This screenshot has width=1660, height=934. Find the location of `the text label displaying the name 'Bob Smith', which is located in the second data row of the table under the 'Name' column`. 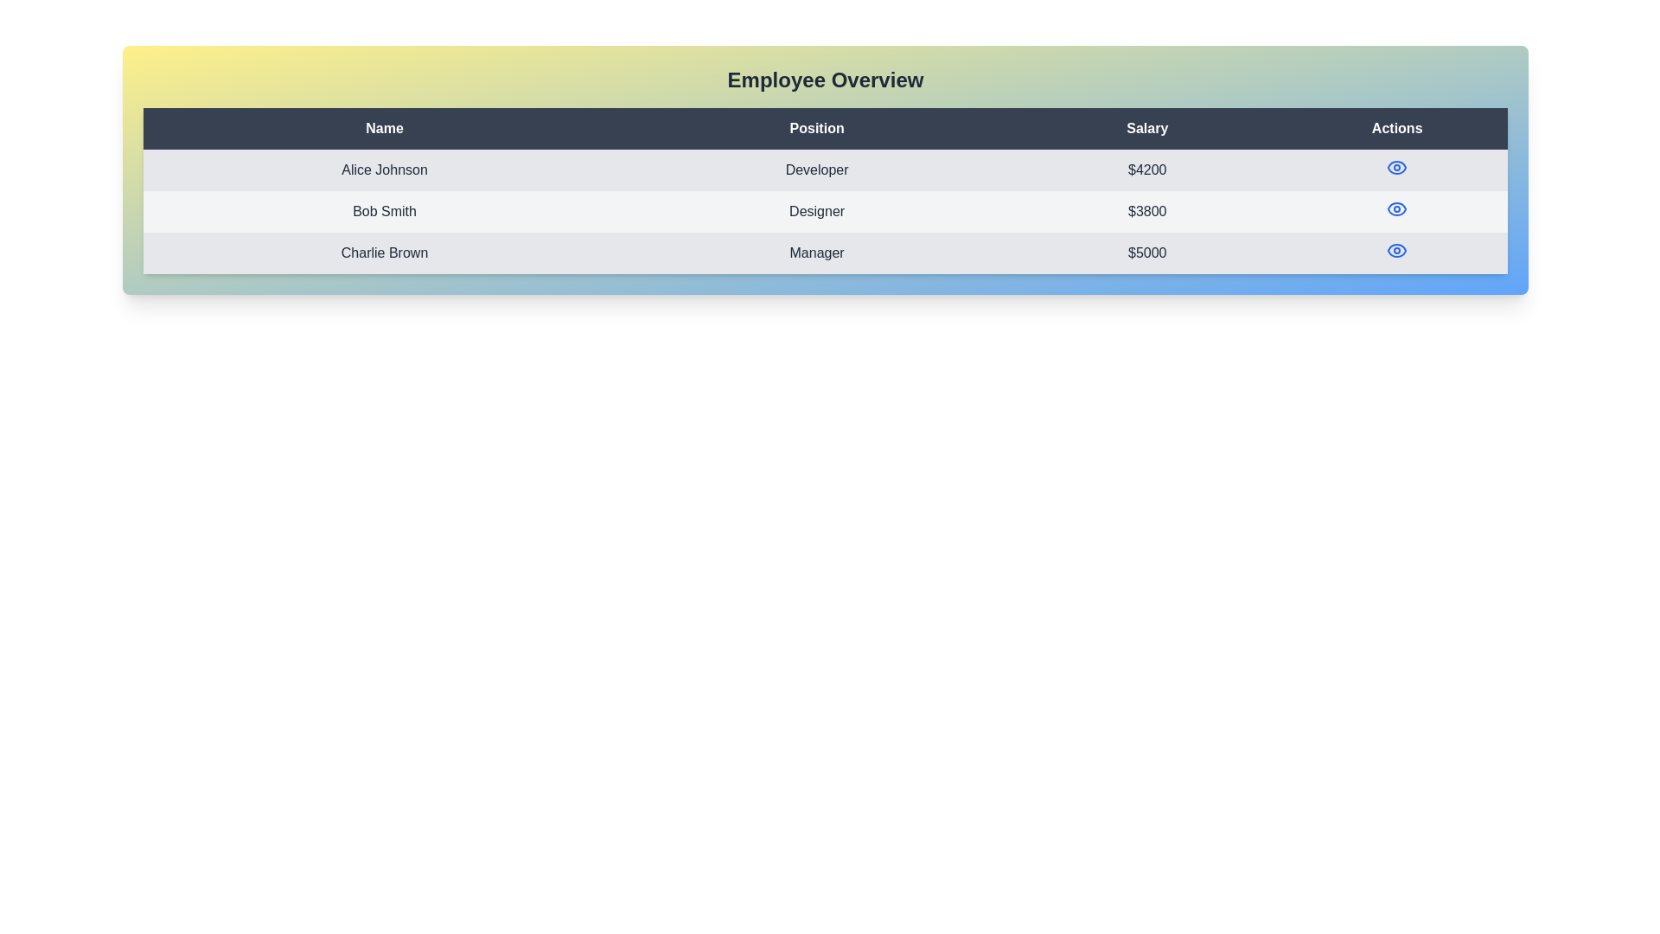

the text label displaying the name 'Bob Smith', which is located in the second data row of the table under the 'Name' column is located at coordinates (384, 211).